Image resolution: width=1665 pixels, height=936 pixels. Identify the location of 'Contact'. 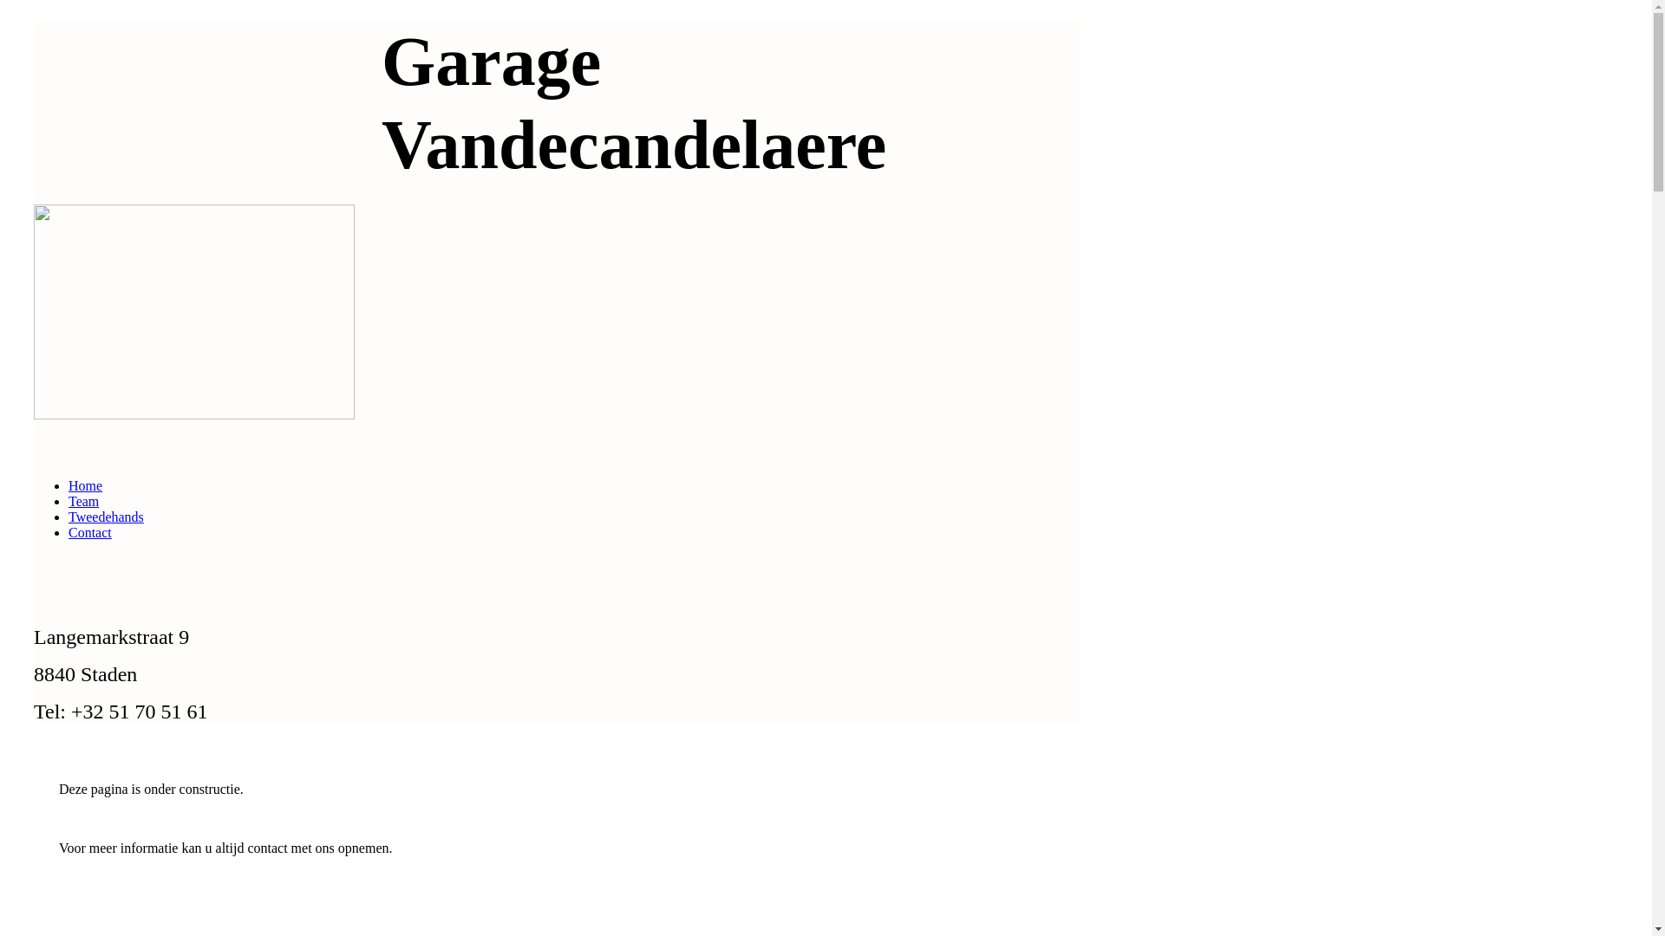
(89, 531).